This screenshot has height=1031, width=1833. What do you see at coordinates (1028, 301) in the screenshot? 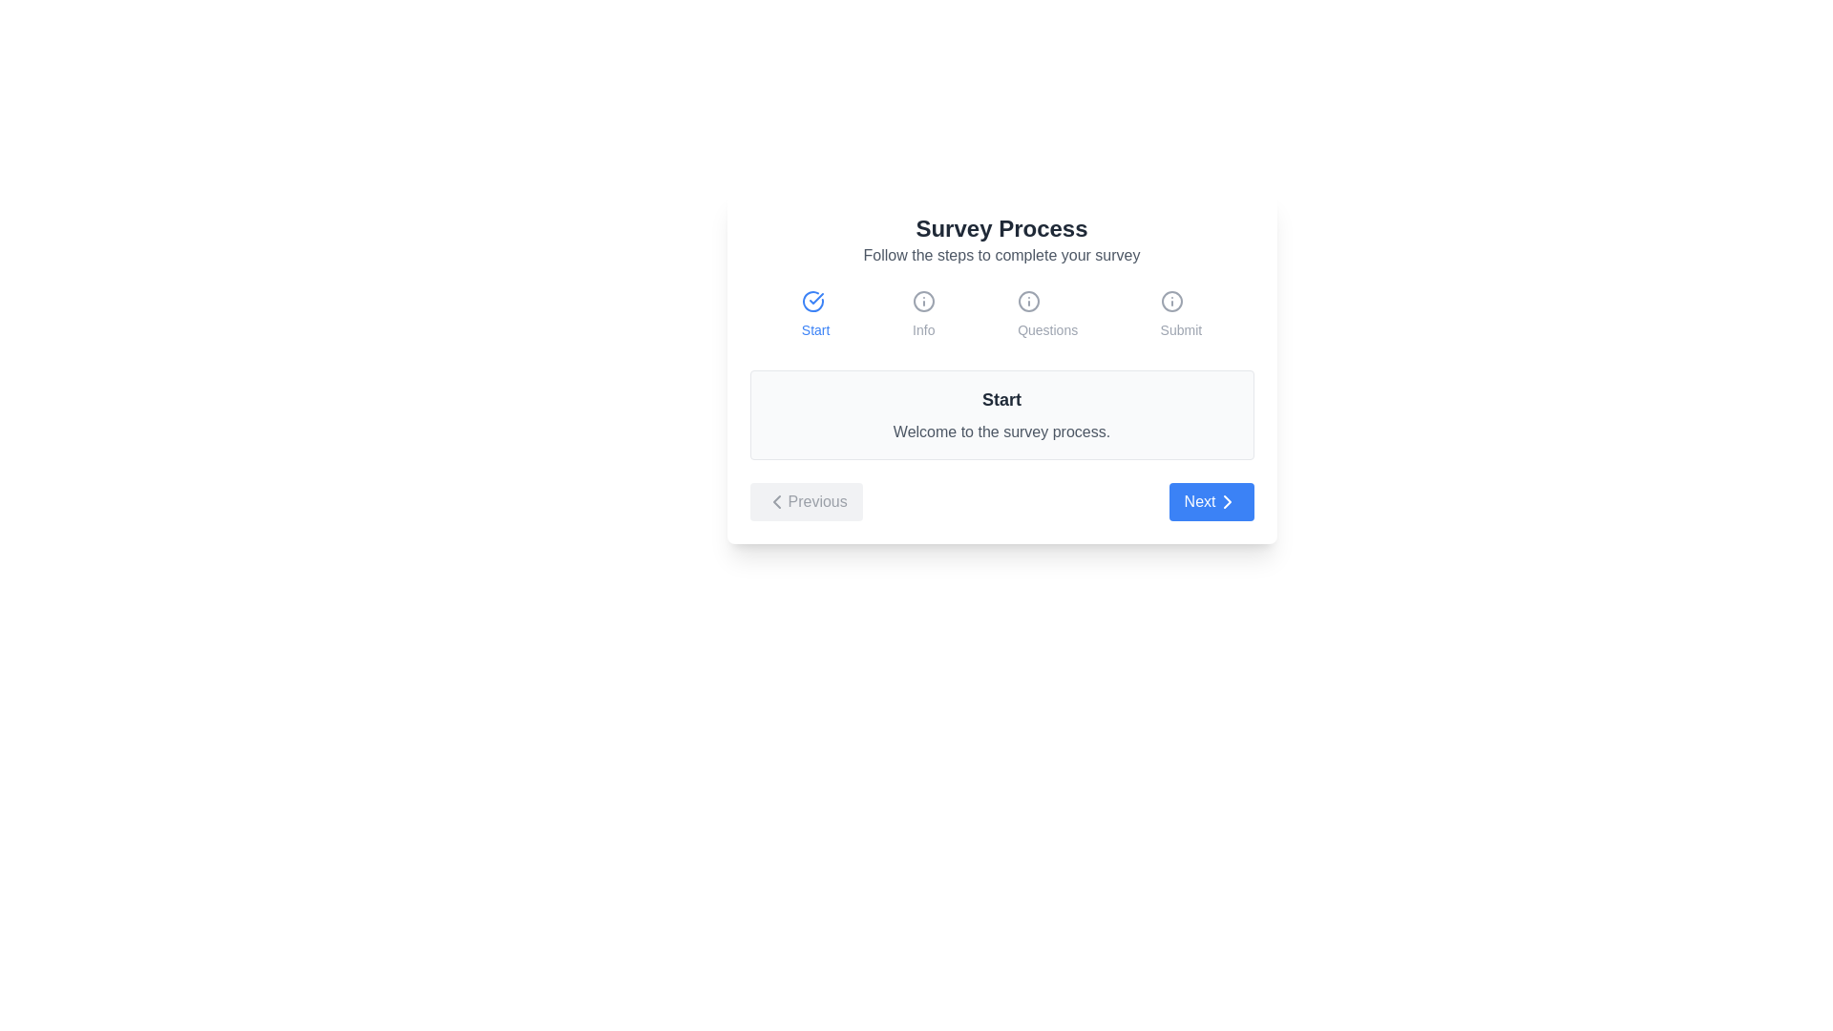
I see `the circular icon with an encircled lowercase 'i' symbol` at bounding box center [1028, 301].